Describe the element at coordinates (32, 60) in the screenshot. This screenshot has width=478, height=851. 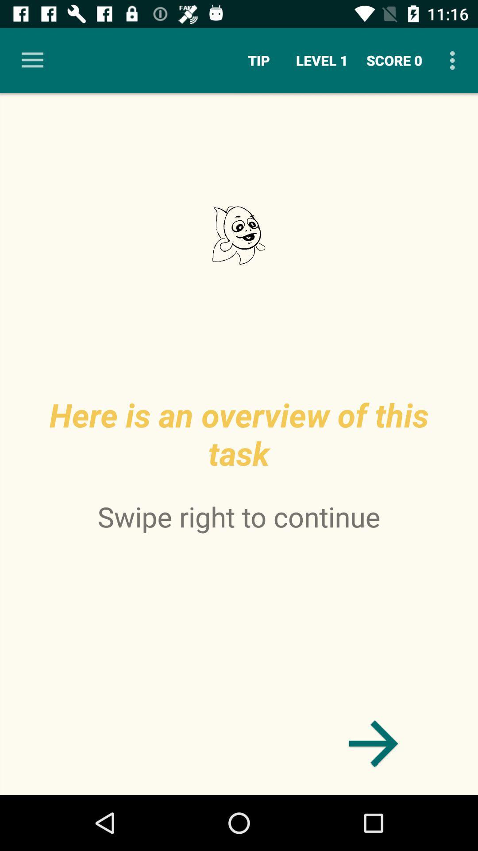
I see `the icon at the top left corner` at that location.